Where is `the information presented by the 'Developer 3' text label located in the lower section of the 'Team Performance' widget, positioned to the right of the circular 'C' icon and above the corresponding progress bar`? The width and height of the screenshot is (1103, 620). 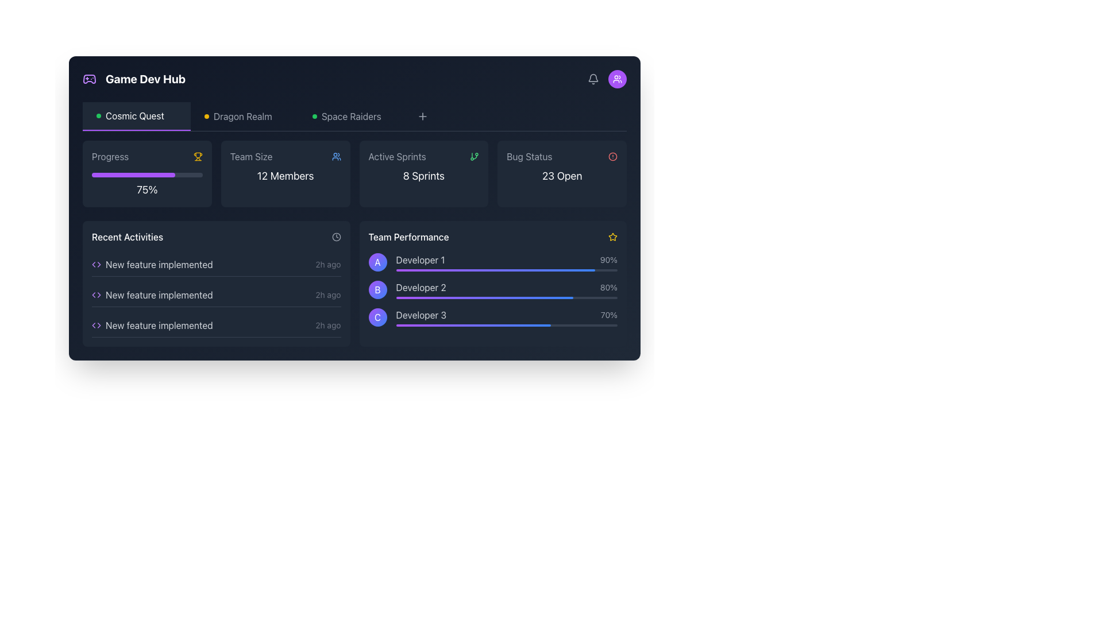
the information presented by the 'Developer 3' text label located in the lower section of the 'Team Performance' widget, positioned to the right of the circular 'C' icon and above the corresponding progress bar is located at coordinates (421, 315).